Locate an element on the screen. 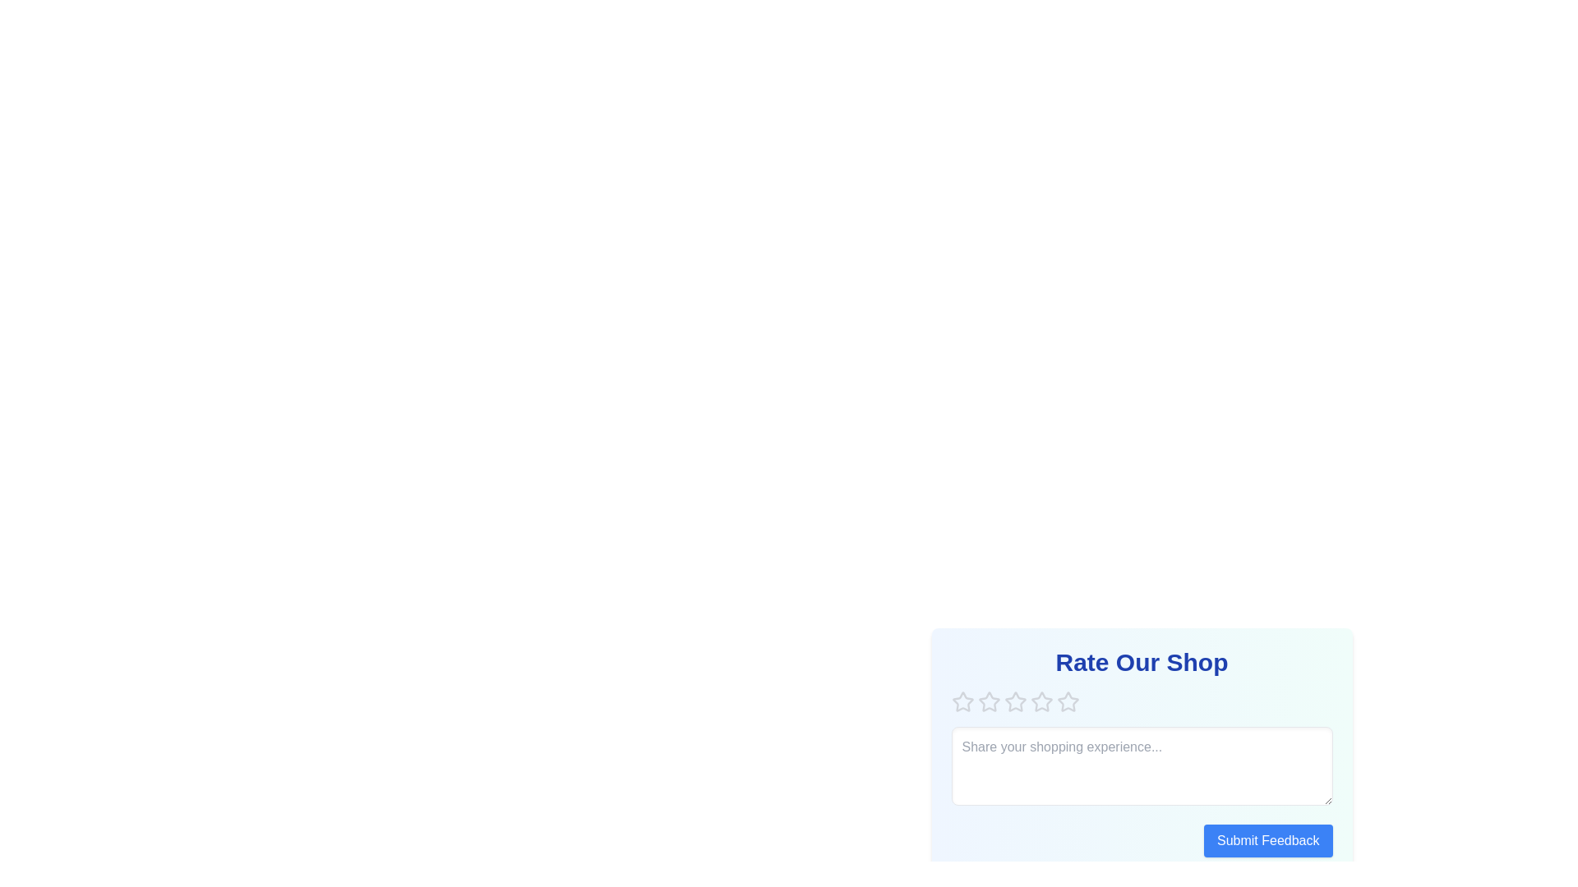 This screenshot has height=887, width=1578. the star corresponding to the rating 5 is located at coordinates (1068, 702).